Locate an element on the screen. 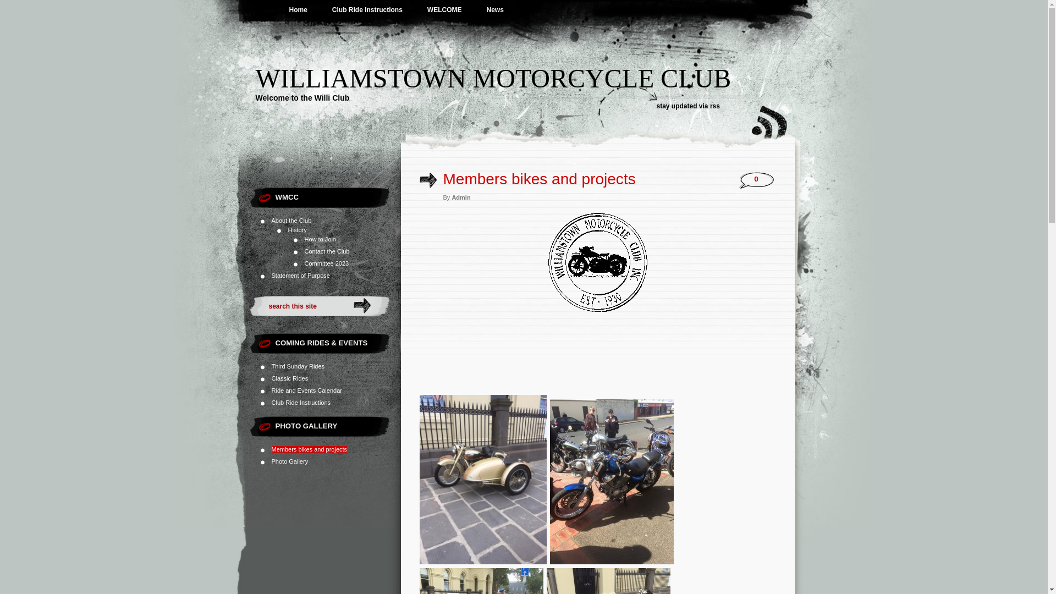  'News' is located at coordinates (494, 10).